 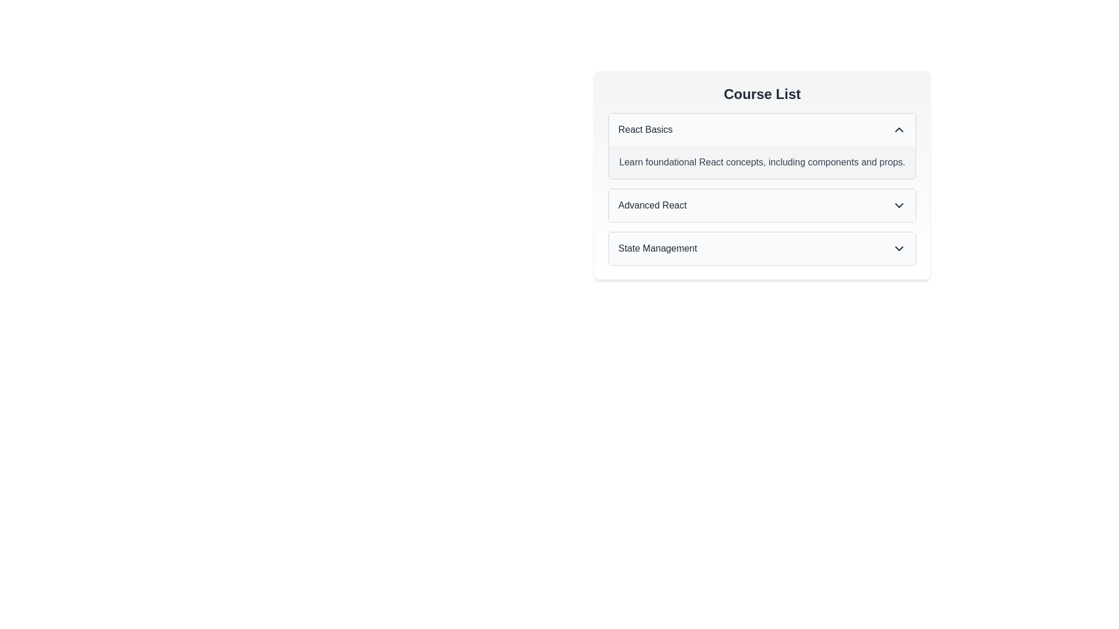 What do you see at coordinates (898, 205) in the screenshot?
I see `the SVG chevron icon in the 'Advanced React' section header to highlight it` at bounding box center [898, 205].